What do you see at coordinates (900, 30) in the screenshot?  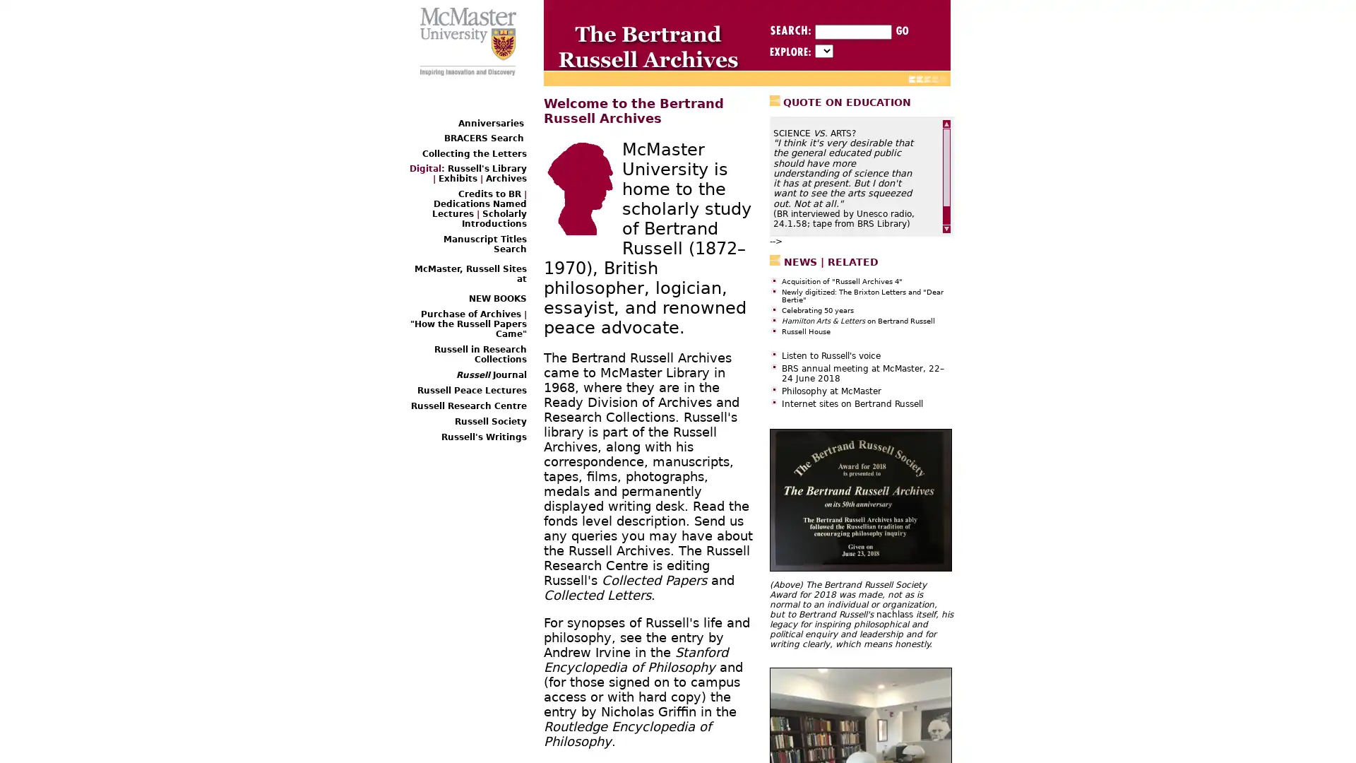 I see `GO` at bounding box center [900, 30].